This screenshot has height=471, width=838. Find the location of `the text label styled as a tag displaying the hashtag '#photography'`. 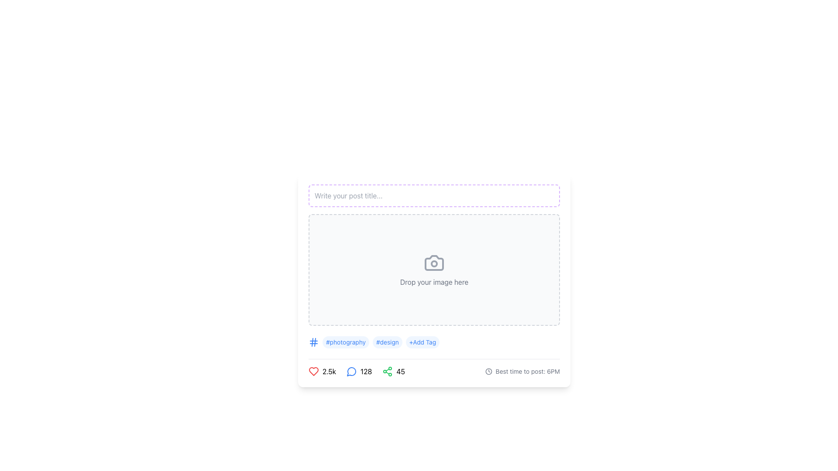

the text label styled as a tag displaying the hashtag '#photography' is located at coordinates (345, 342).